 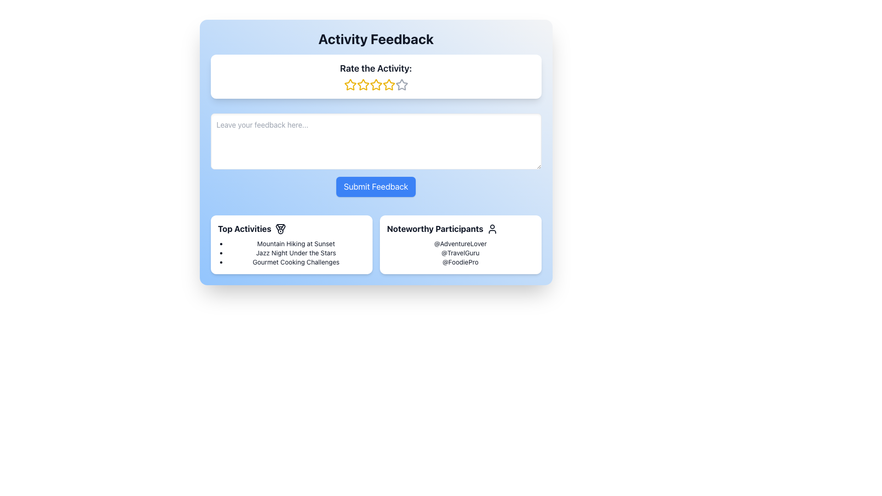 I want to click on text displayed in the 'Top Activities' list located at the bottom-left corner of the interface, beneath the 'Submit Feedback' button, so click(x=291, y=253).